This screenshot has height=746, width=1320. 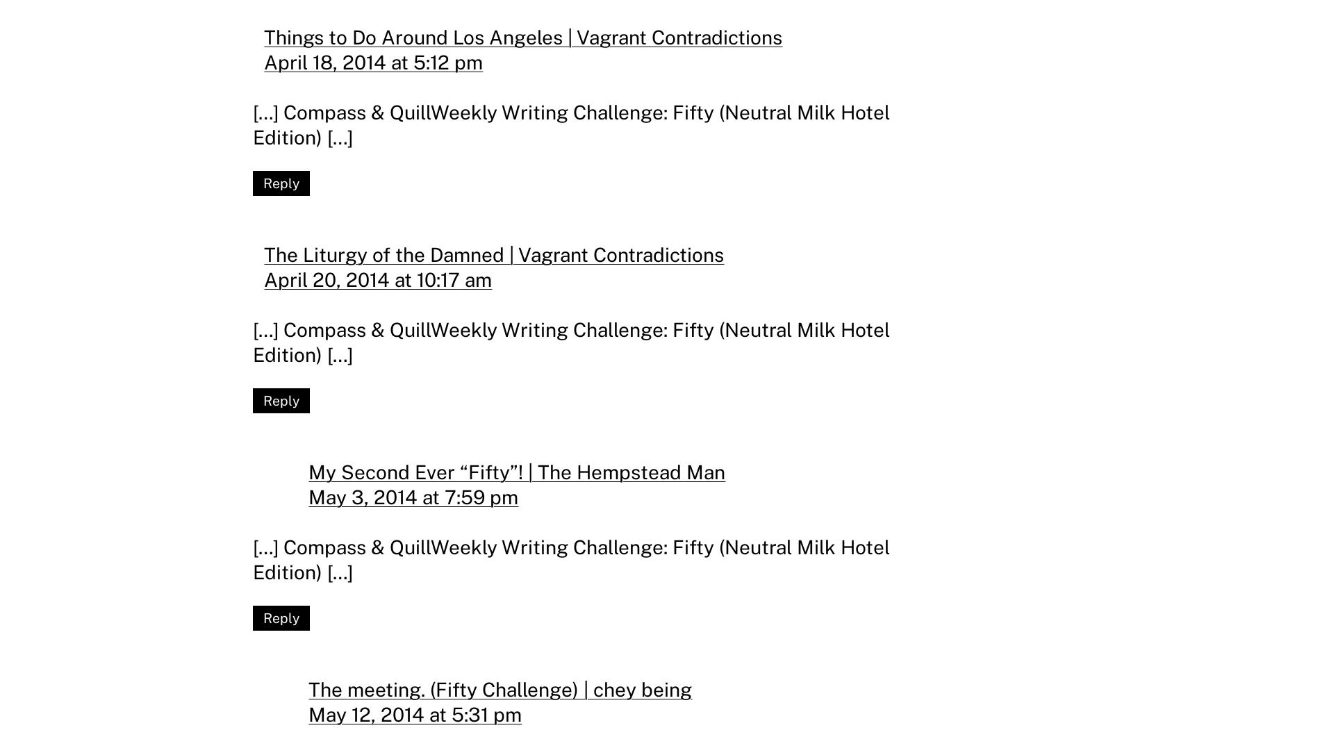 I want to click on 'My Second Ever “Fifty”! | The Hempstead Man', so click(x=516, y=471).